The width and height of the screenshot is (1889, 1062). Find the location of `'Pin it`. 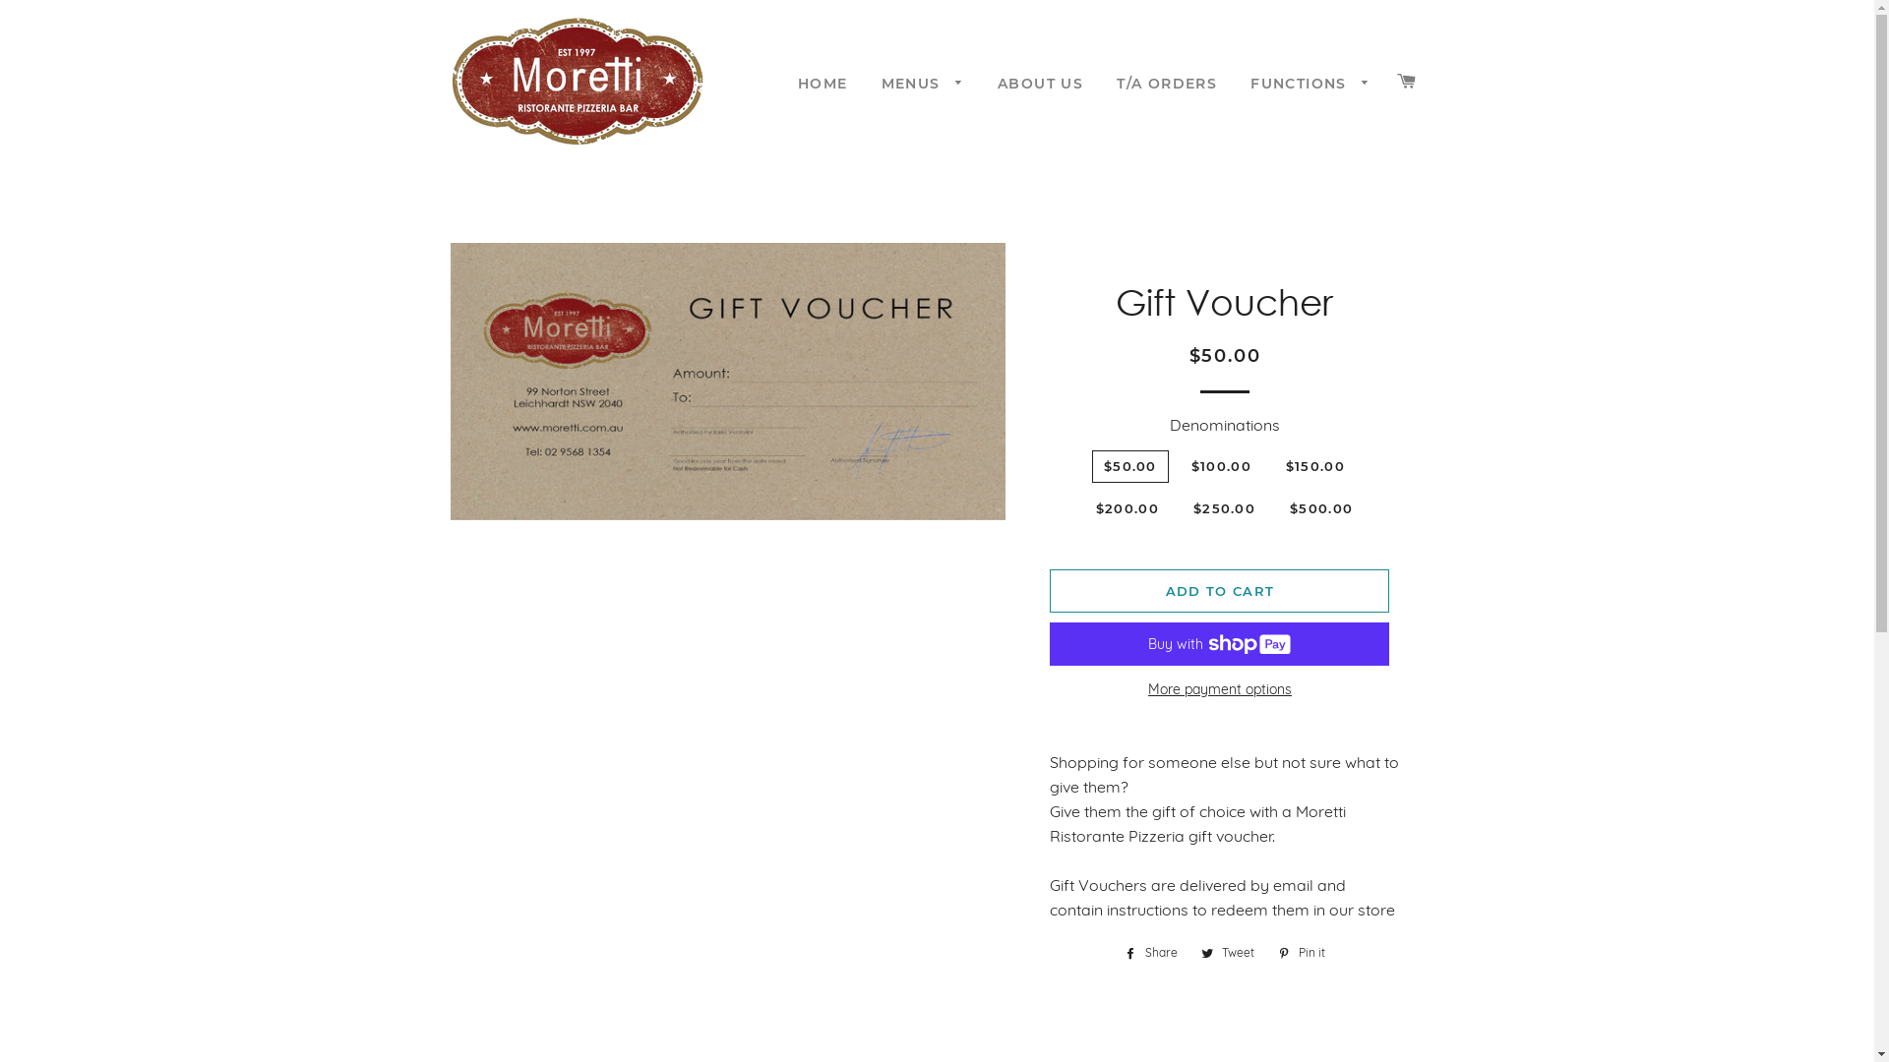

'Pin it is located at coordinates (1302, 951).